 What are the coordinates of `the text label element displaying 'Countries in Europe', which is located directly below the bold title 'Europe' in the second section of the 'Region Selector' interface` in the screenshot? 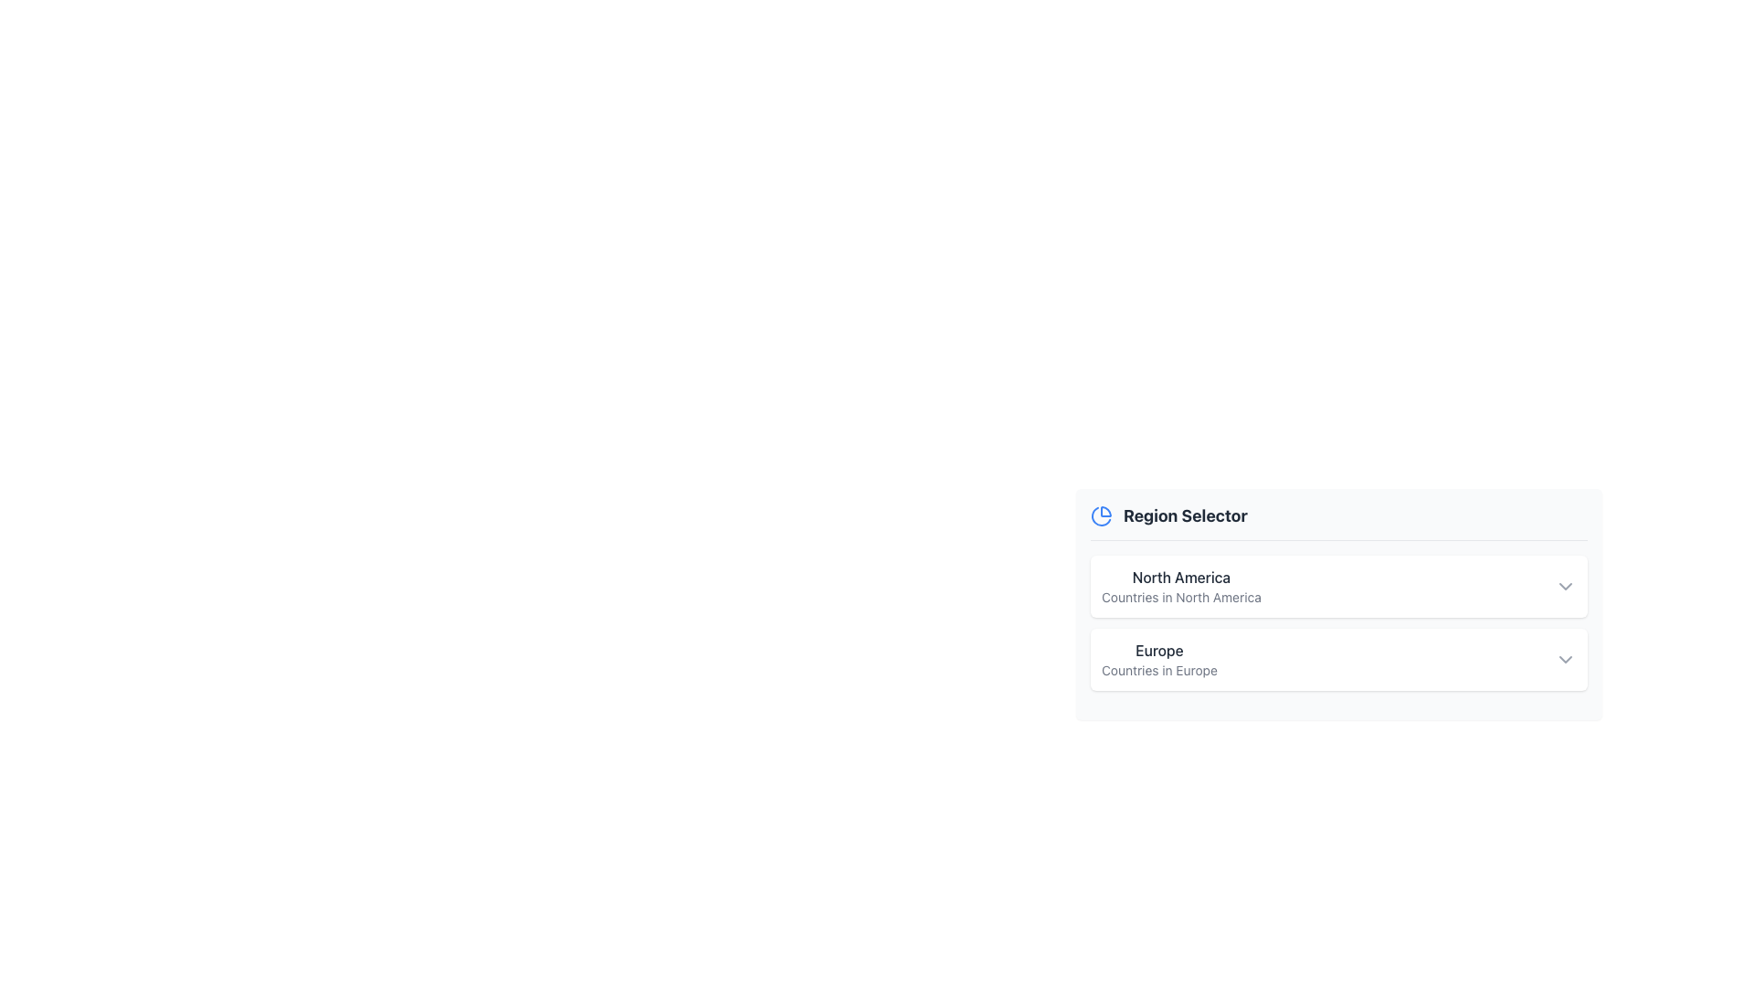 It's located at (1158, 670).